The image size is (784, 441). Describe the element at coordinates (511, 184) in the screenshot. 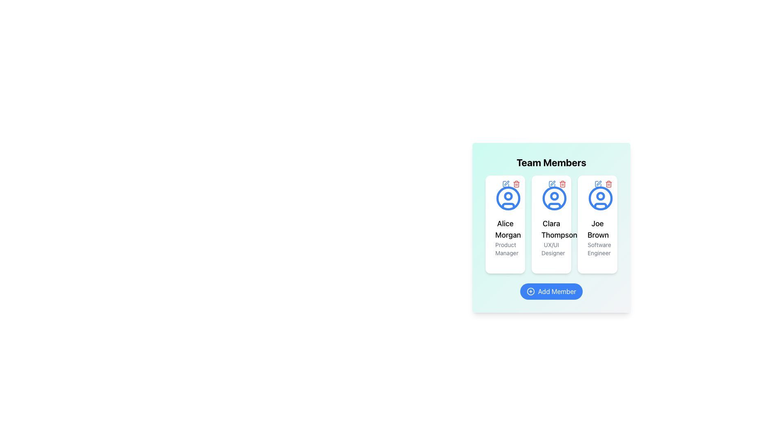

I see `the Button Group in the upper-right corner of the card for 'Alice Morgan'` at that location.